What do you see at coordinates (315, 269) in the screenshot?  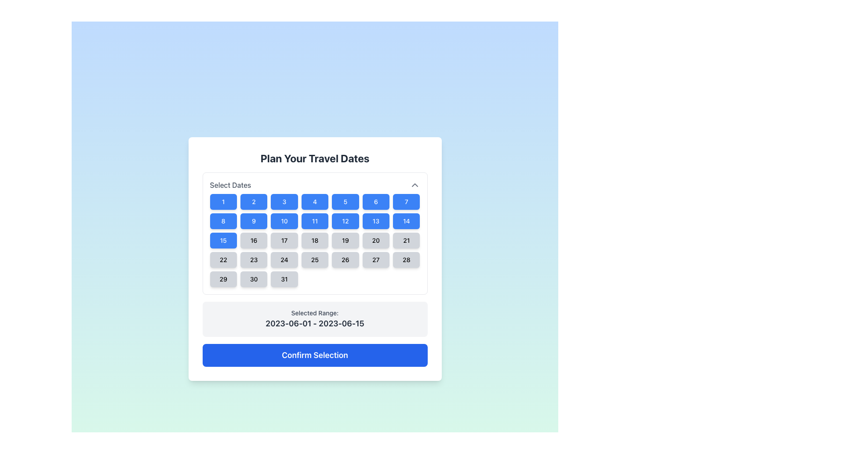 I see `a date in the Calendar picker located centrally beneath the title 'Plan Your Travel Dates' and above the button labeled 'Confirm Selection'` at bounding box center [315, 269].